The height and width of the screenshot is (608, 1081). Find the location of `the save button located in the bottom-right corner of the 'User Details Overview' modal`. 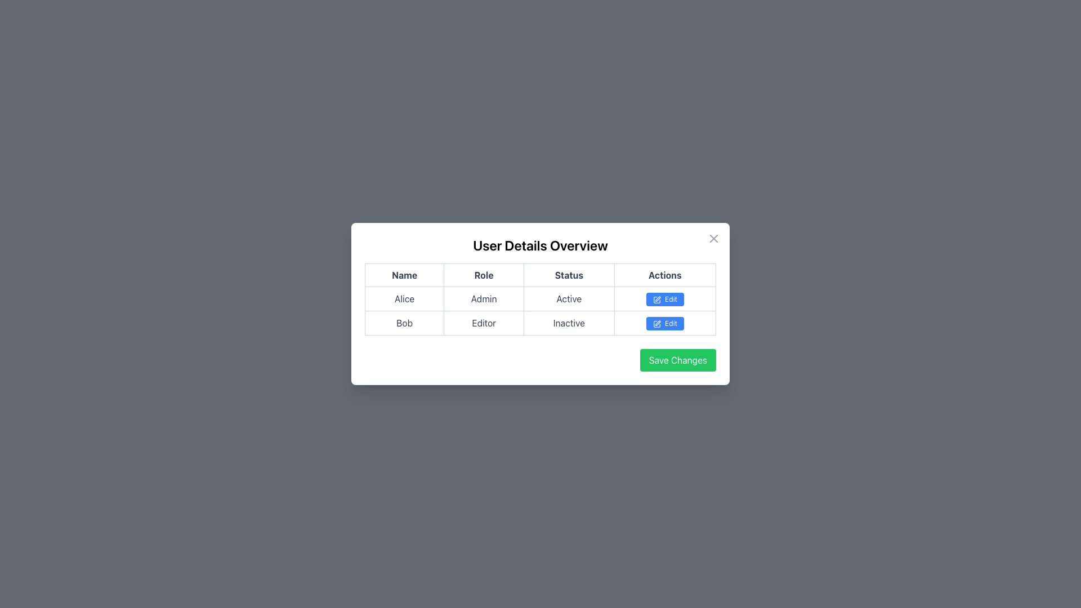

the save button located in the bottom-right corner of the 'User Details Overview' modal is located at coordinates (677, 360).